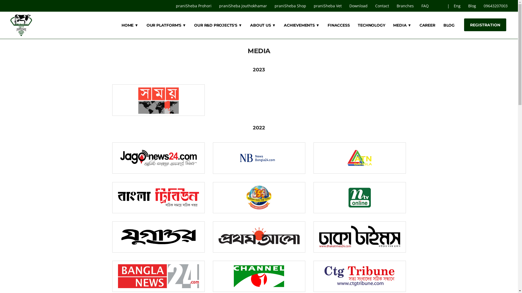  Describe the element at coordinates (243, 6) in the screenshot. I see `'praniSheba Jouthokhamar'` at that location.